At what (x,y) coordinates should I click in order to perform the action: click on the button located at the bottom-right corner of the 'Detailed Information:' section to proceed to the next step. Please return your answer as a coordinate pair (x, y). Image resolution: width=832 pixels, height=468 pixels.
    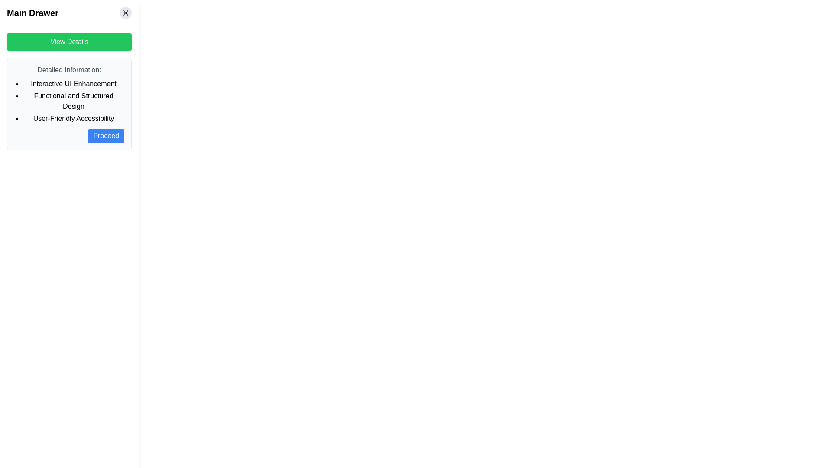
    Looking at the image, I should click on (68, 136).